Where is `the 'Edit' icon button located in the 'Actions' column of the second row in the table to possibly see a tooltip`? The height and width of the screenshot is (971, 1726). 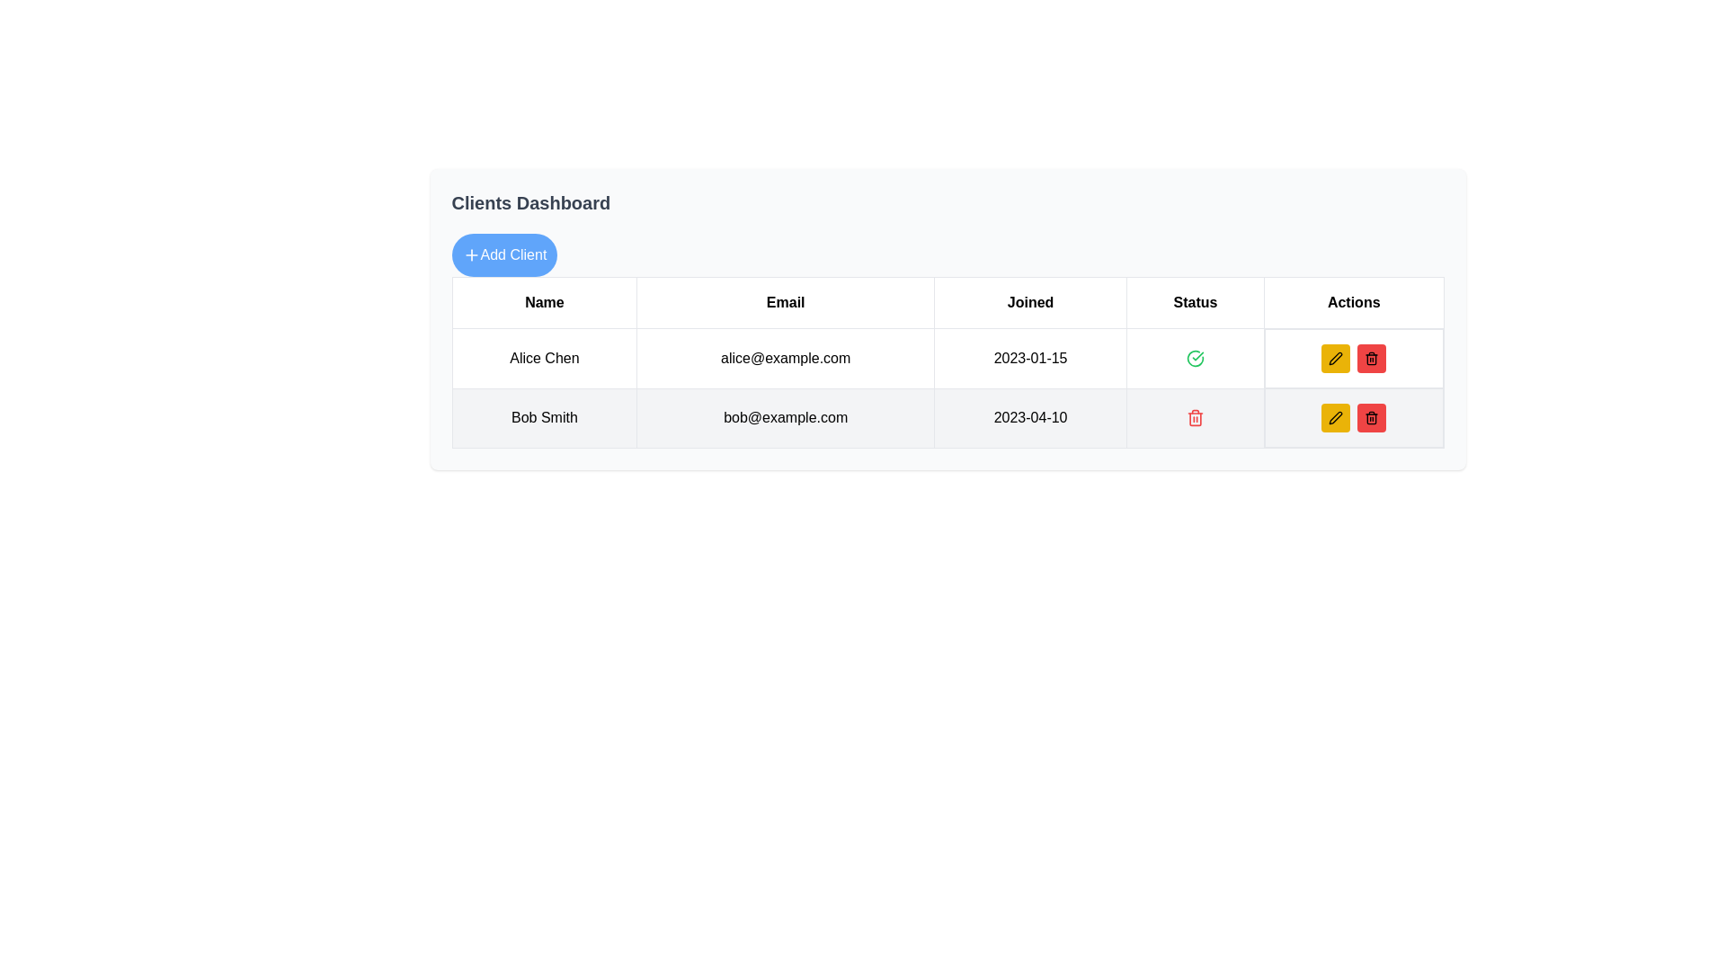
the 'Edit' icon button located in the 'Actions' column of the second row in the table to possibly see a tooltip is located at coordinates (1336, 358).